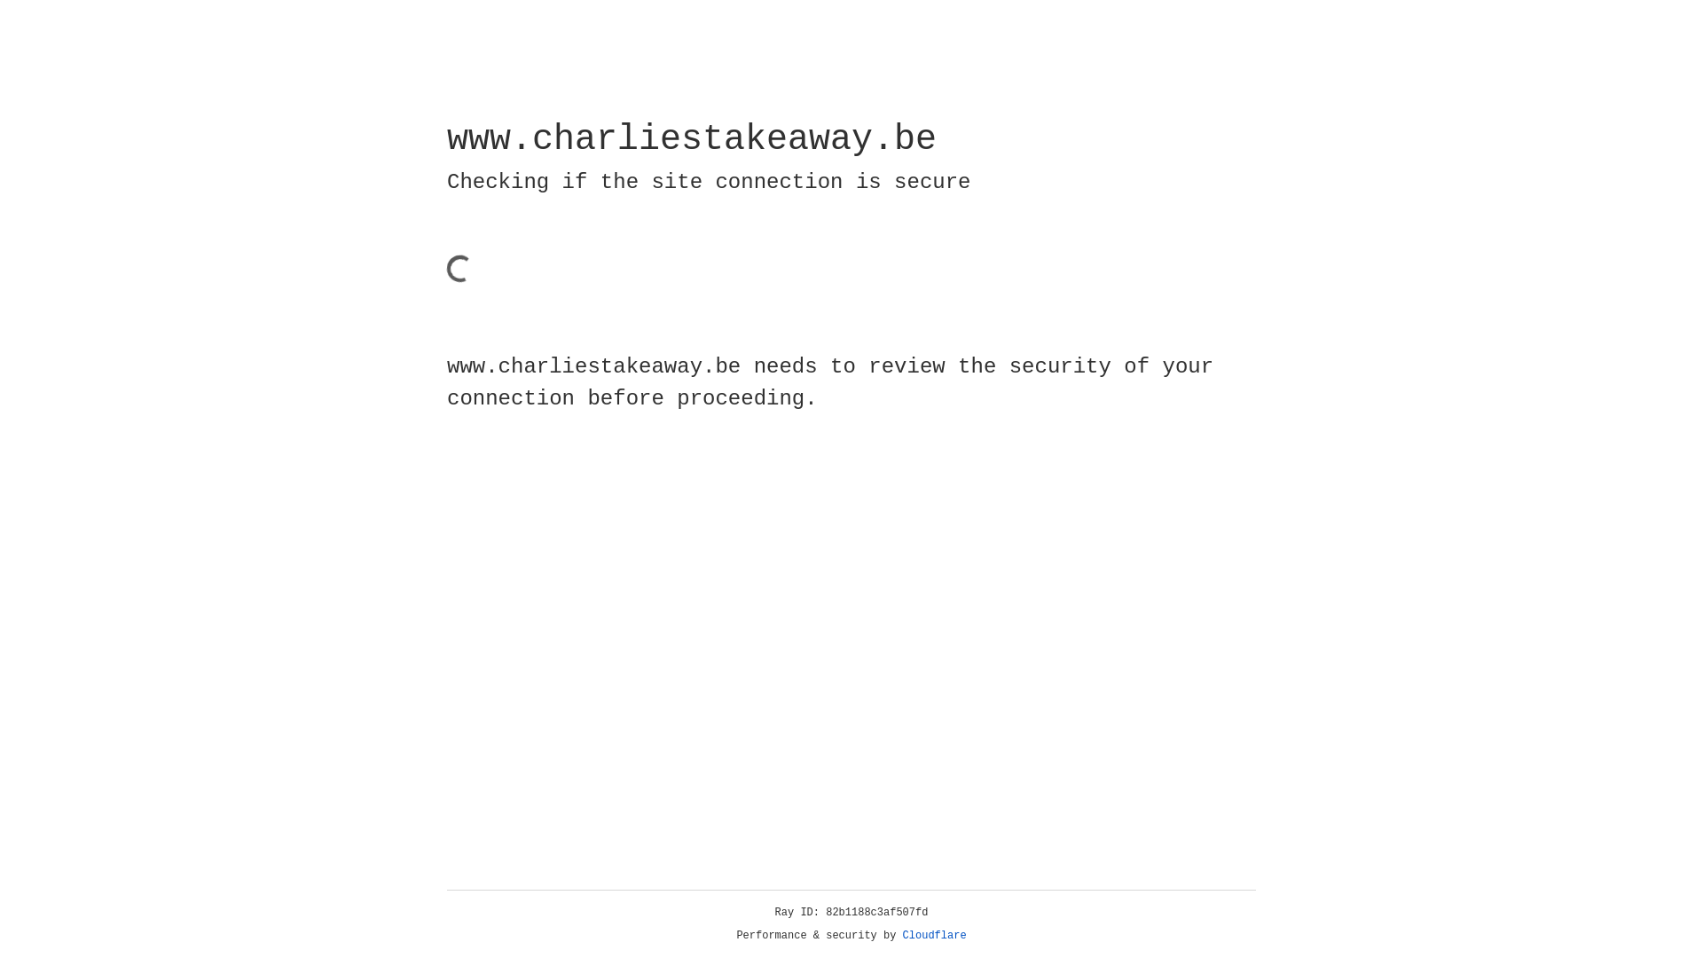  I want to click on 'Cloudflare', so click(934, 935).